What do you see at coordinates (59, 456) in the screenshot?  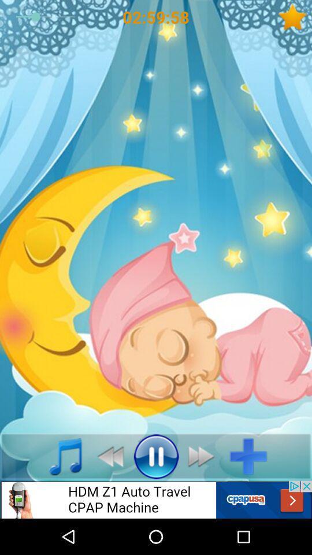 I see `a song` at bounding box center [59, 456].